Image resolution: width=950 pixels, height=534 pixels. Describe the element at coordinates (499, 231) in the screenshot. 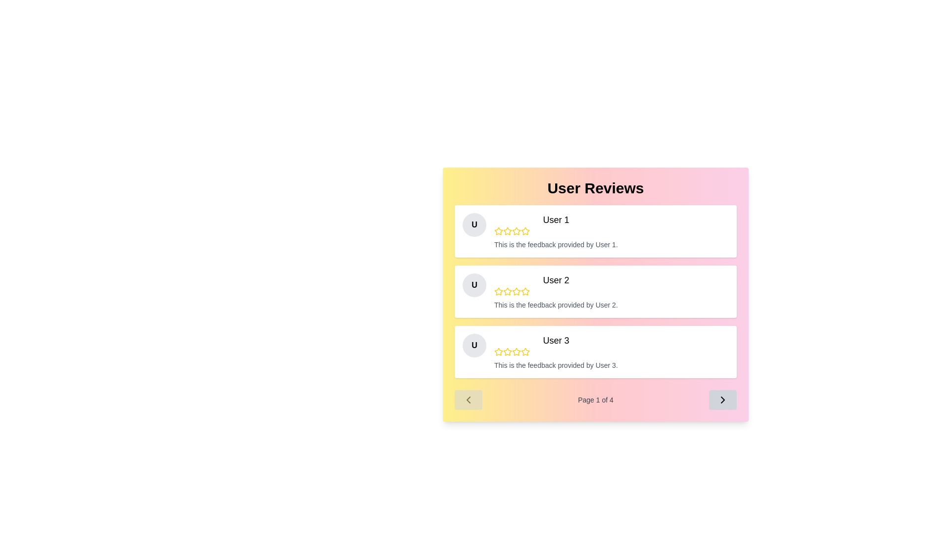

I see `the first star in the 5-star rating system for 'User 1'` at that location.